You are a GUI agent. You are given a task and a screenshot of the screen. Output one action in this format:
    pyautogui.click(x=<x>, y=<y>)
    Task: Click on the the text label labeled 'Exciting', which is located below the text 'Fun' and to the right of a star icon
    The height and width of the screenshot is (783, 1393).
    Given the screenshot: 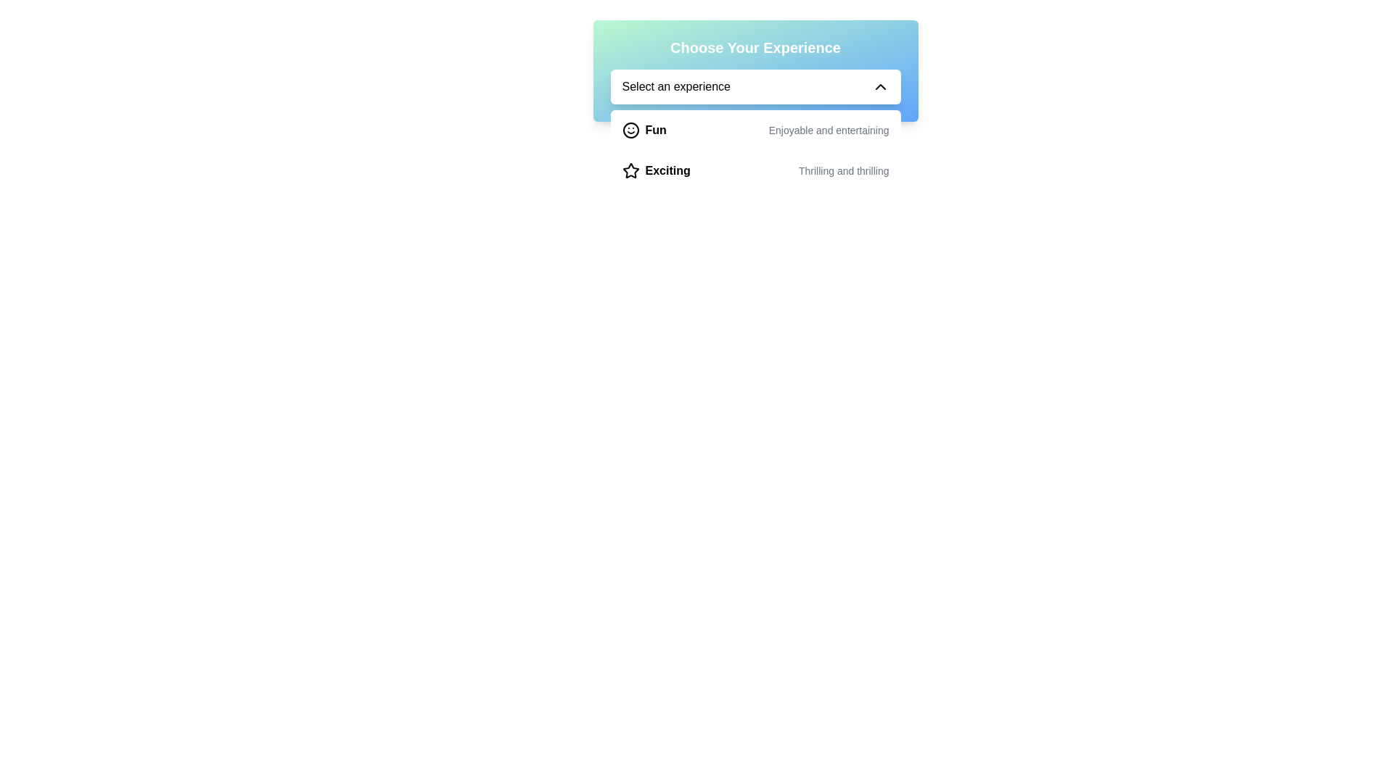 What is the action you would take?
    pyautogui.click(x=667, y=170)
    